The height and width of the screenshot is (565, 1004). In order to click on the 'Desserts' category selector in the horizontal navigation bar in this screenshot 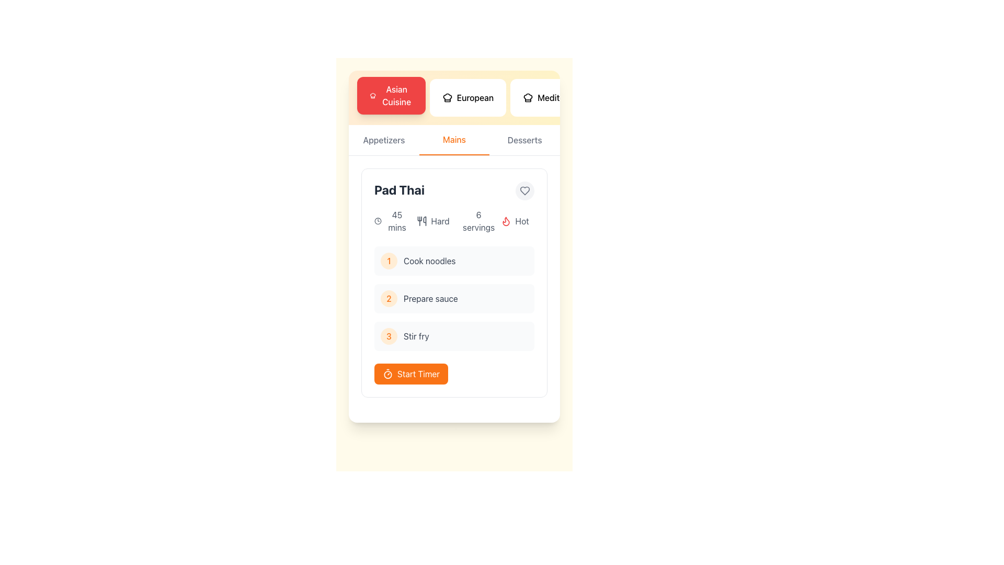, I will do `click(524, 139)`.